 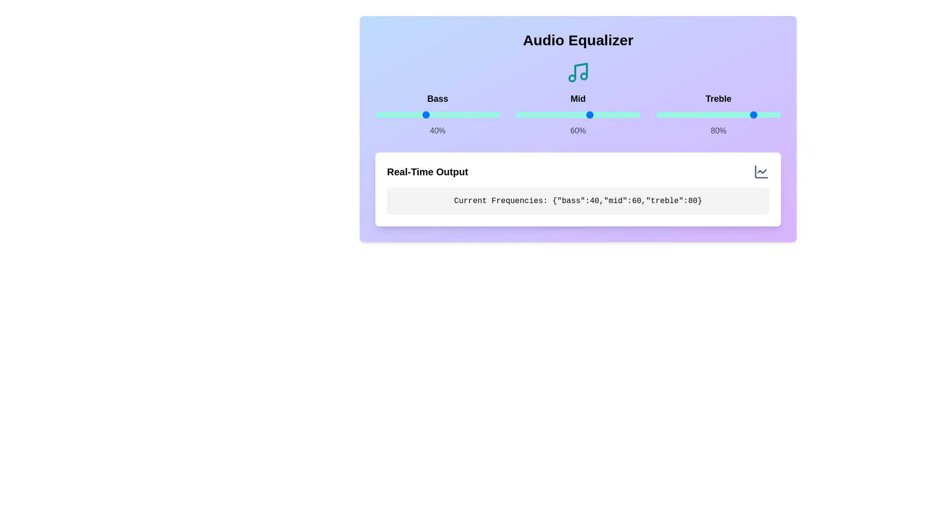 What do you see at coordinates (578, 131) in the screenshot?
I see `the text label displaying '60%' located centrally beneath the 'Mid' slider in the audio equalizer interface, styled in dark gray on a light purple background` at bounding box center [578, 131].